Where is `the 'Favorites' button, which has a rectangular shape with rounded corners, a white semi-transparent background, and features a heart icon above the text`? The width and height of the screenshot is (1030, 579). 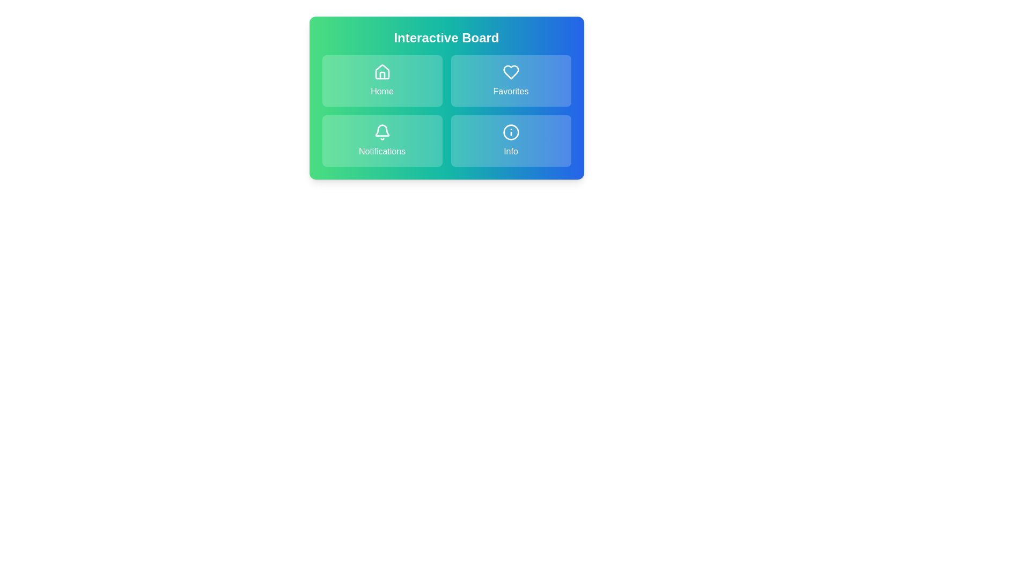 the 'Favorites' button, which has a rectangular shape with rounded corners, a white semi-transparent background, and features a heart icon above the text is located at coordinates (510, 80).